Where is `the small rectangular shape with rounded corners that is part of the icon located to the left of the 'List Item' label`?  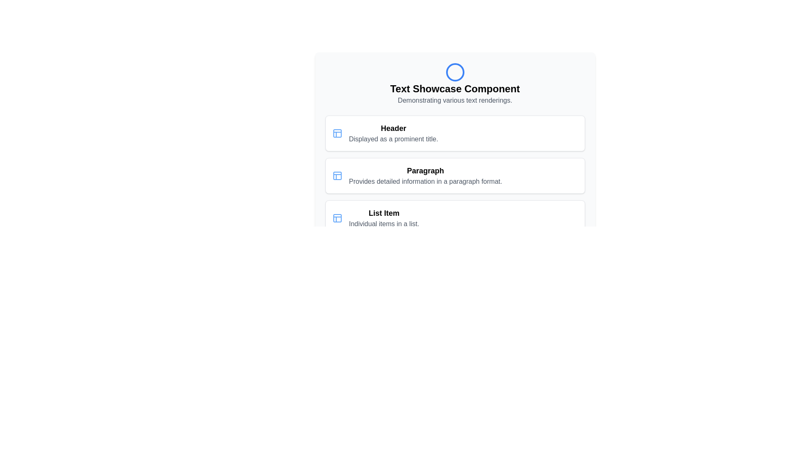 the small rectangular shape with rounded corners that is part of the icon located to the left of the 'List Item' label is located at coordinates (337, 217).